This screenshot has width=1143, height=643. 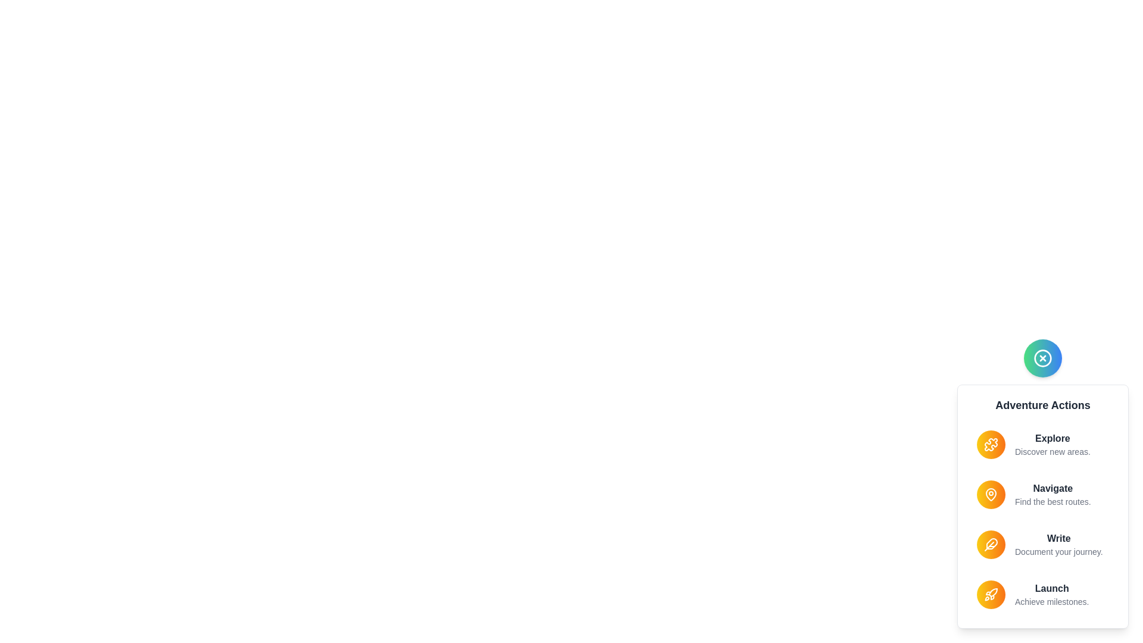 What do you see at coordinates (1042, 494) in the screenshot?
I see `the action Navigate from the menu by clicking its respective item` at bounding box center [1042, 494].